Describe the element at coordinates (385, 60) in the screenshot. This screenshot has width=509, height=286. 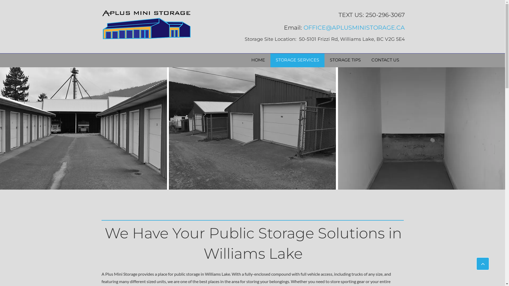
I see `'CONTACT US'` at that location.